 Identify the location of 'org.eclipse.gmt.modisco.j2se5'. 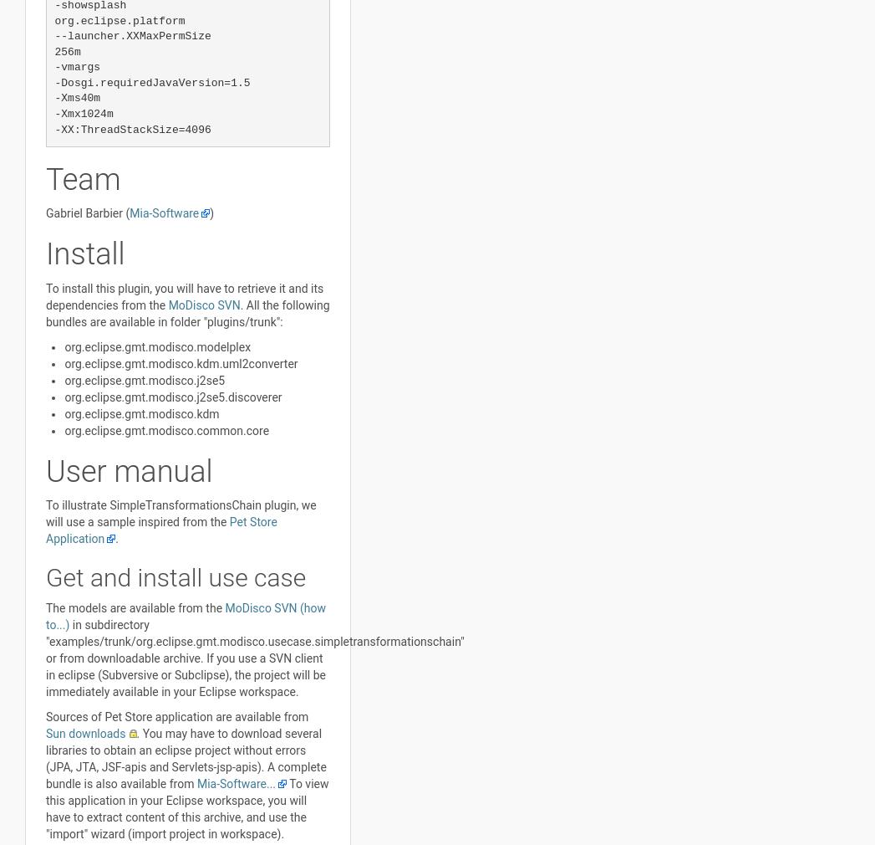
(144, 379).